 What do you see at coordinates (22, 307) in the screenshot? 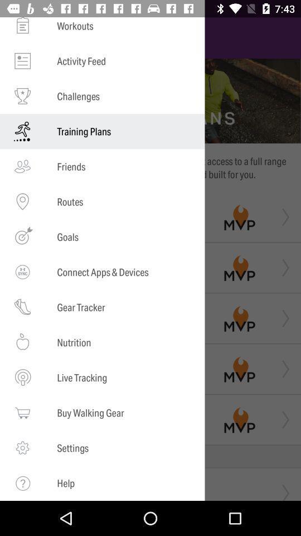
I see `the shoe option which says gear tracker` at bounding box center [22, 307].